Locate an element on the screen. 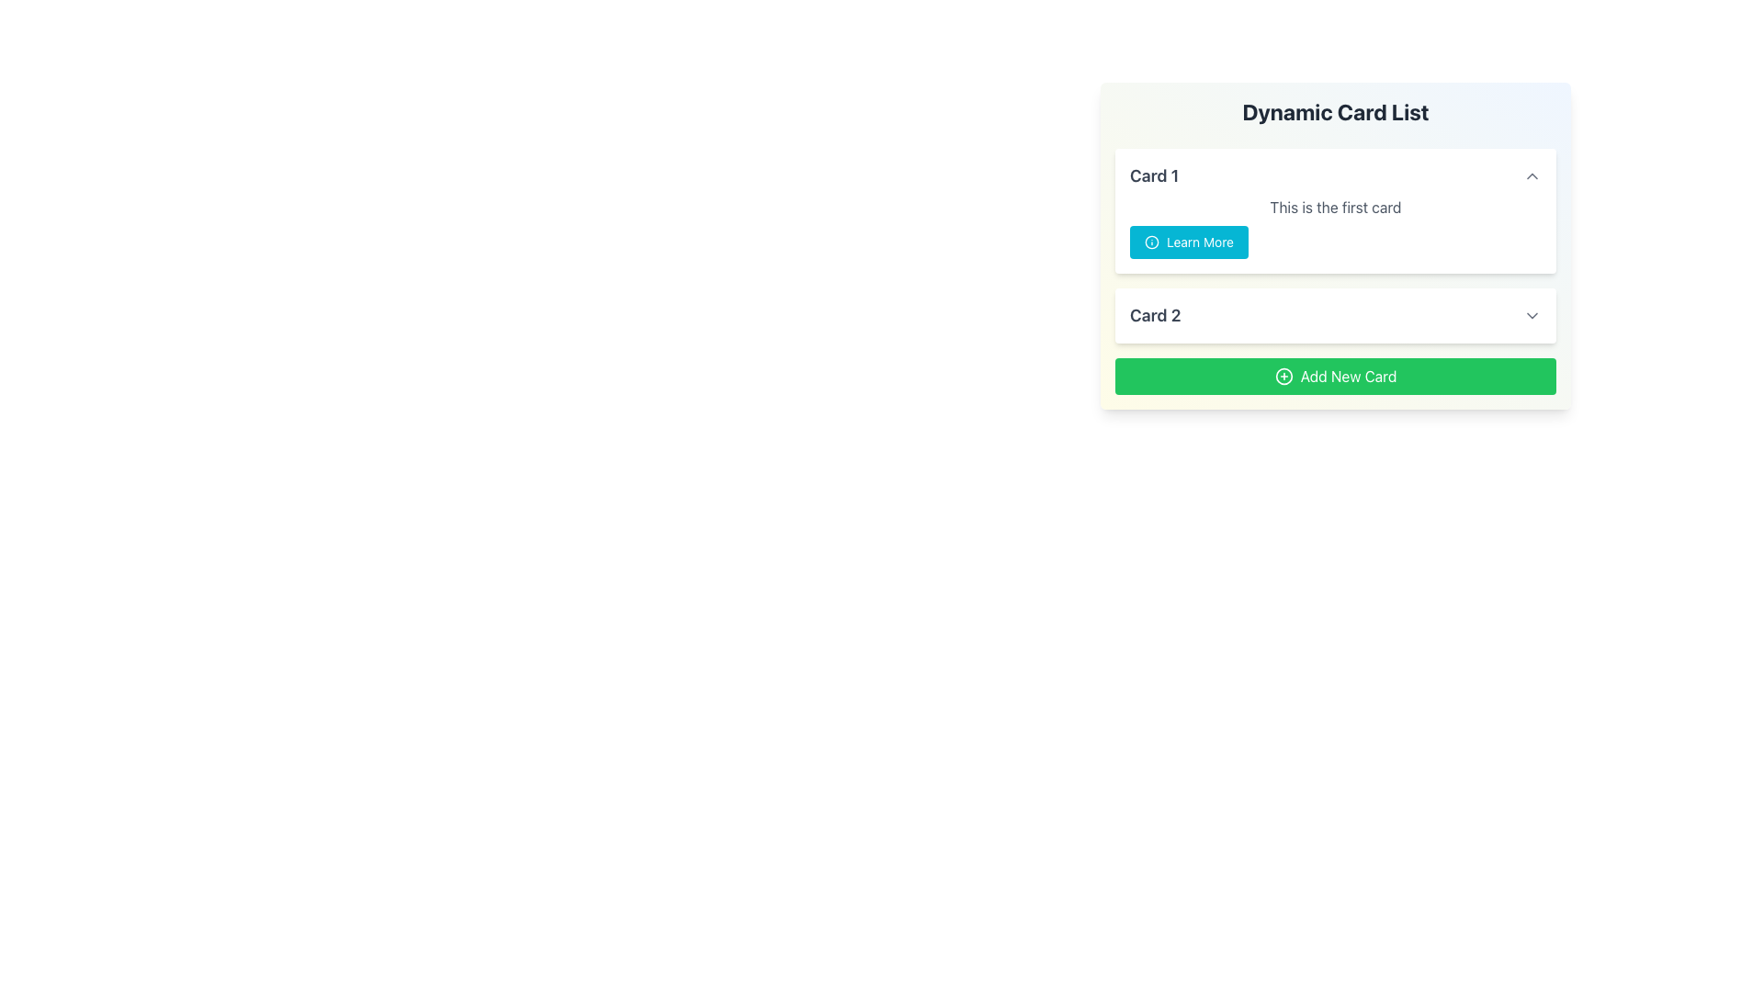 Image resolution: width=1764 pixels, height=992 pixels. description of the first card component in the vertical card list, which includes a title, description, and a 'Learn More' button is located at coordinates (1336, 210).